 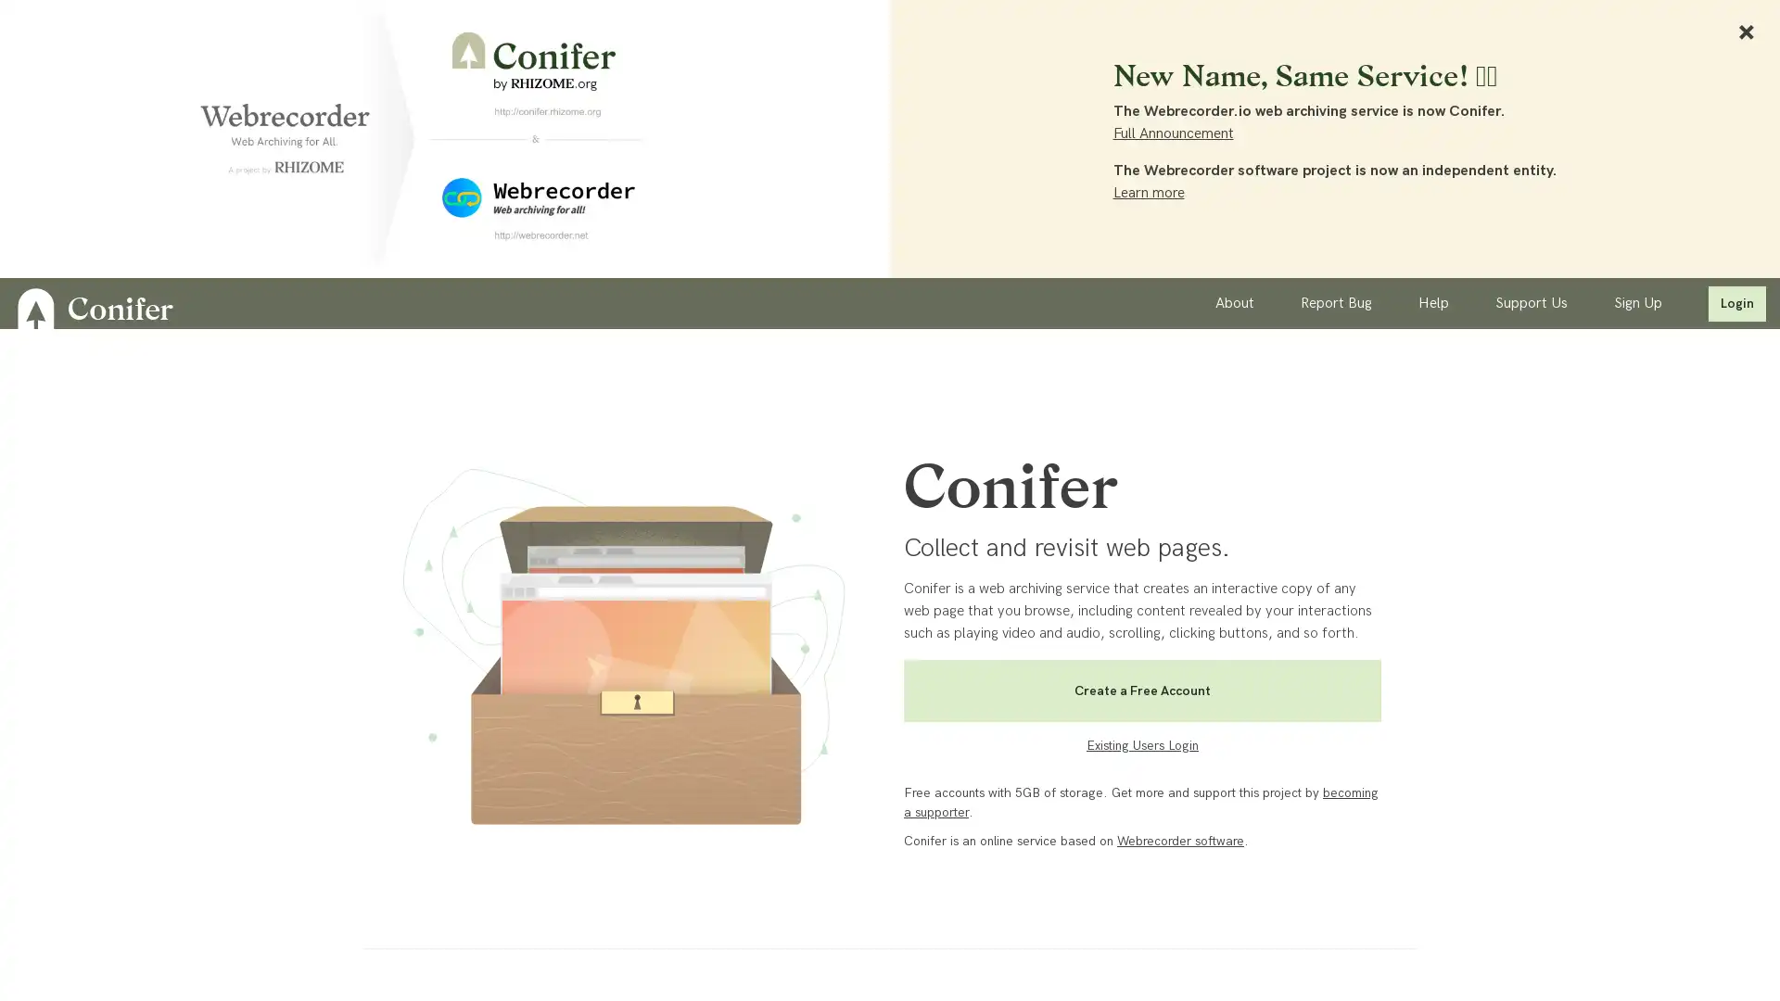 I want to click on Dismiss Conifer Announcement, so click(x=1745, y=32).